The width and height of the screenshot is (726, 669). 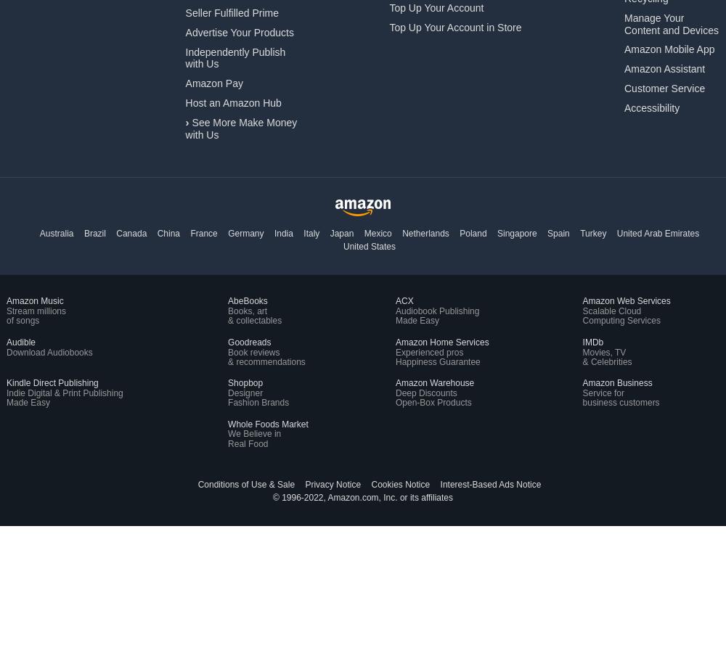 I want to click on 'Independently Publish with Us', so click(x=234, y=57).